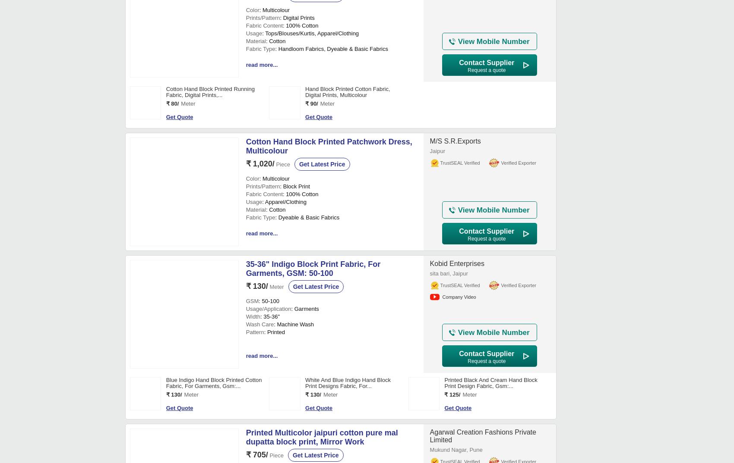 This screenshot has height=463, width=734. What do you see at coordinates (173, 199) in the screenshot?
I see `'₹ 150/'` at bounding box center [173, 199].